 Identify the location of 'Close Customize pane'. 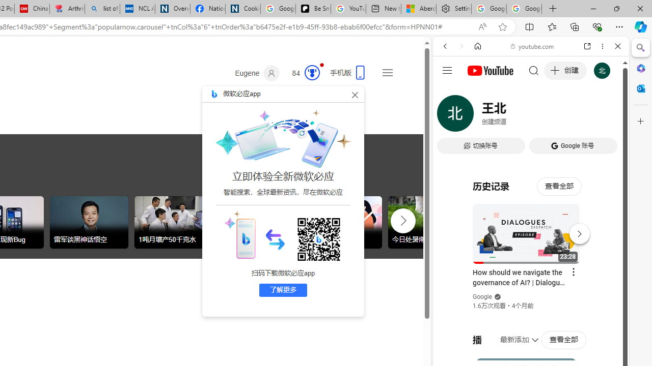
(640, 121).